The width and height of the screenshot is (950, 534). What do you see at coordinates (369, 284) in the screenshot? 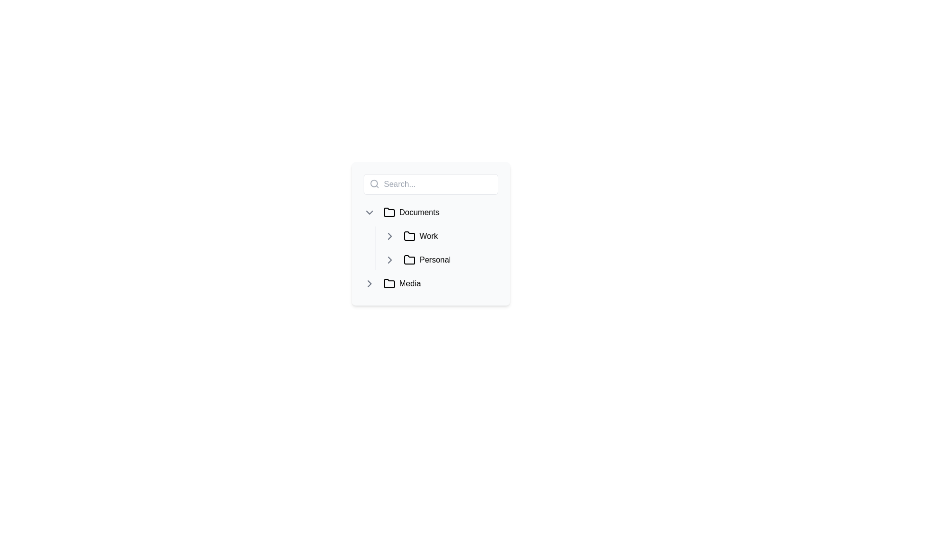
I see `the small, right-pointing chevron icon` at bounding box center [369, 284].